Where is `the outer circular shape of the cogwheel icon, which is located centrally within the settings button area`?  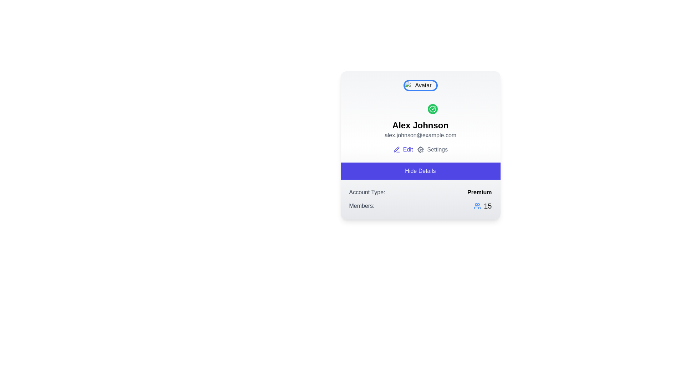 the outer circular shape of the cogwheel icon, which is located centrally within the settings button area is located at coordinates (421, 149).